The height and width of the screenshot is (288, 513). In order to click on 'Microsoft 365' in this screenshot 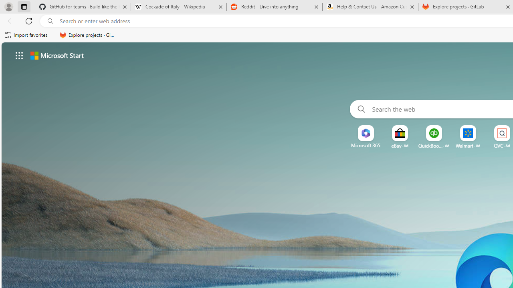, I will do `click(365, 145)`.